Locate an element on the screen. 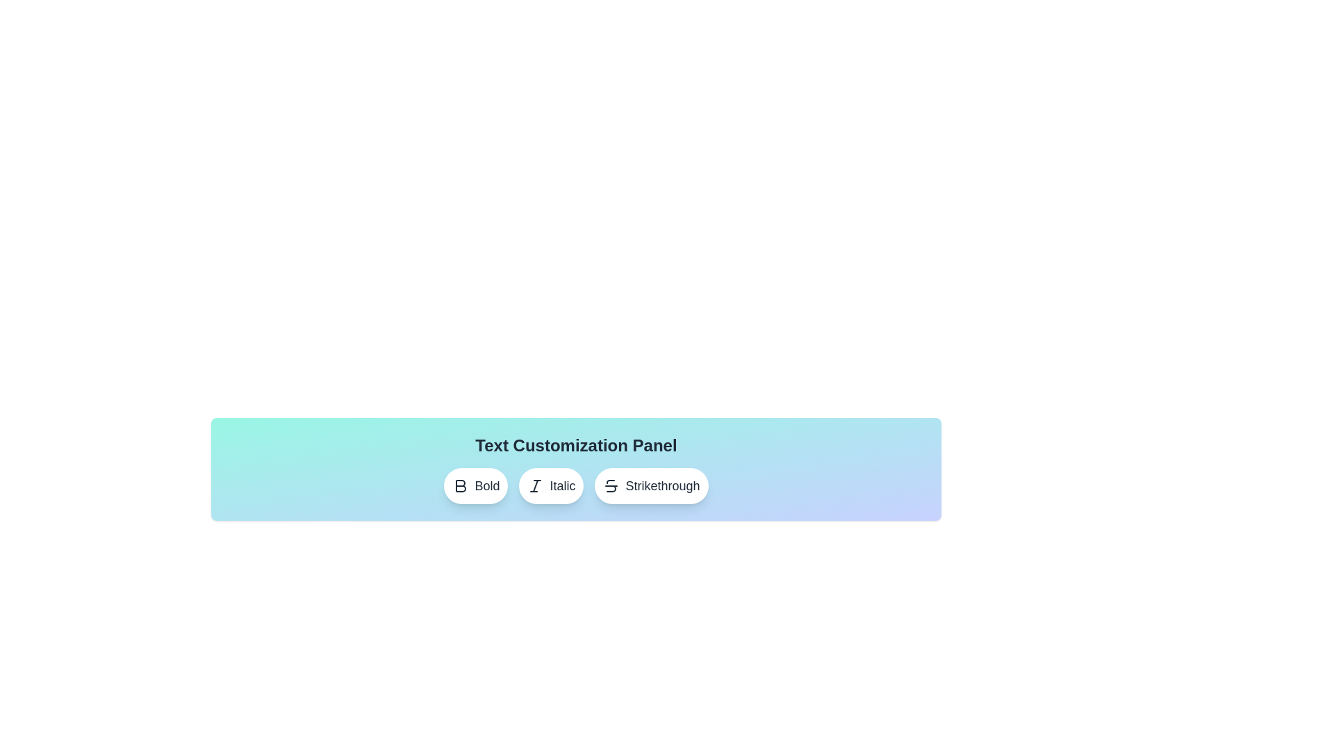 The width and height of the screenshot is (1334, 750). the Strikethrough formatting icon, which is styled with black strokes and located within a rounded white button labeled 'Strikethrough' is located at coordinates (611, 485).